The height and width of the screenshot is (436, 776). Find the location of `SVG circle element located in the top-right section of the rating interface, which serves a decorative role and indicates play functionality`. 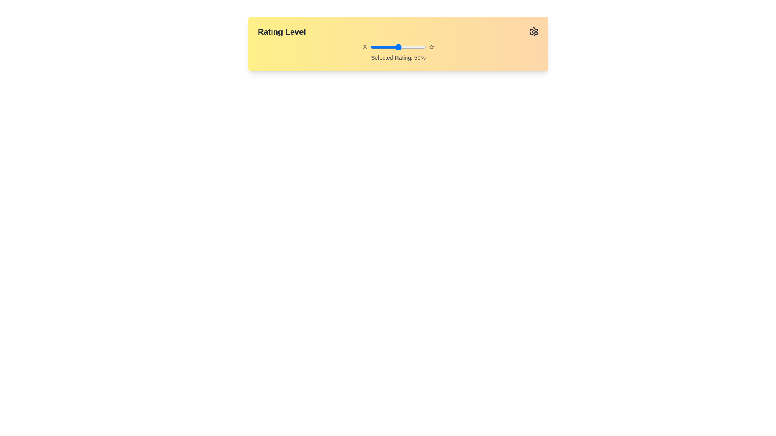

SVG circle element located in the top-right section of the rating interface, which serves a decorative role and indicates play functionality is located at coordinates (365, 47).